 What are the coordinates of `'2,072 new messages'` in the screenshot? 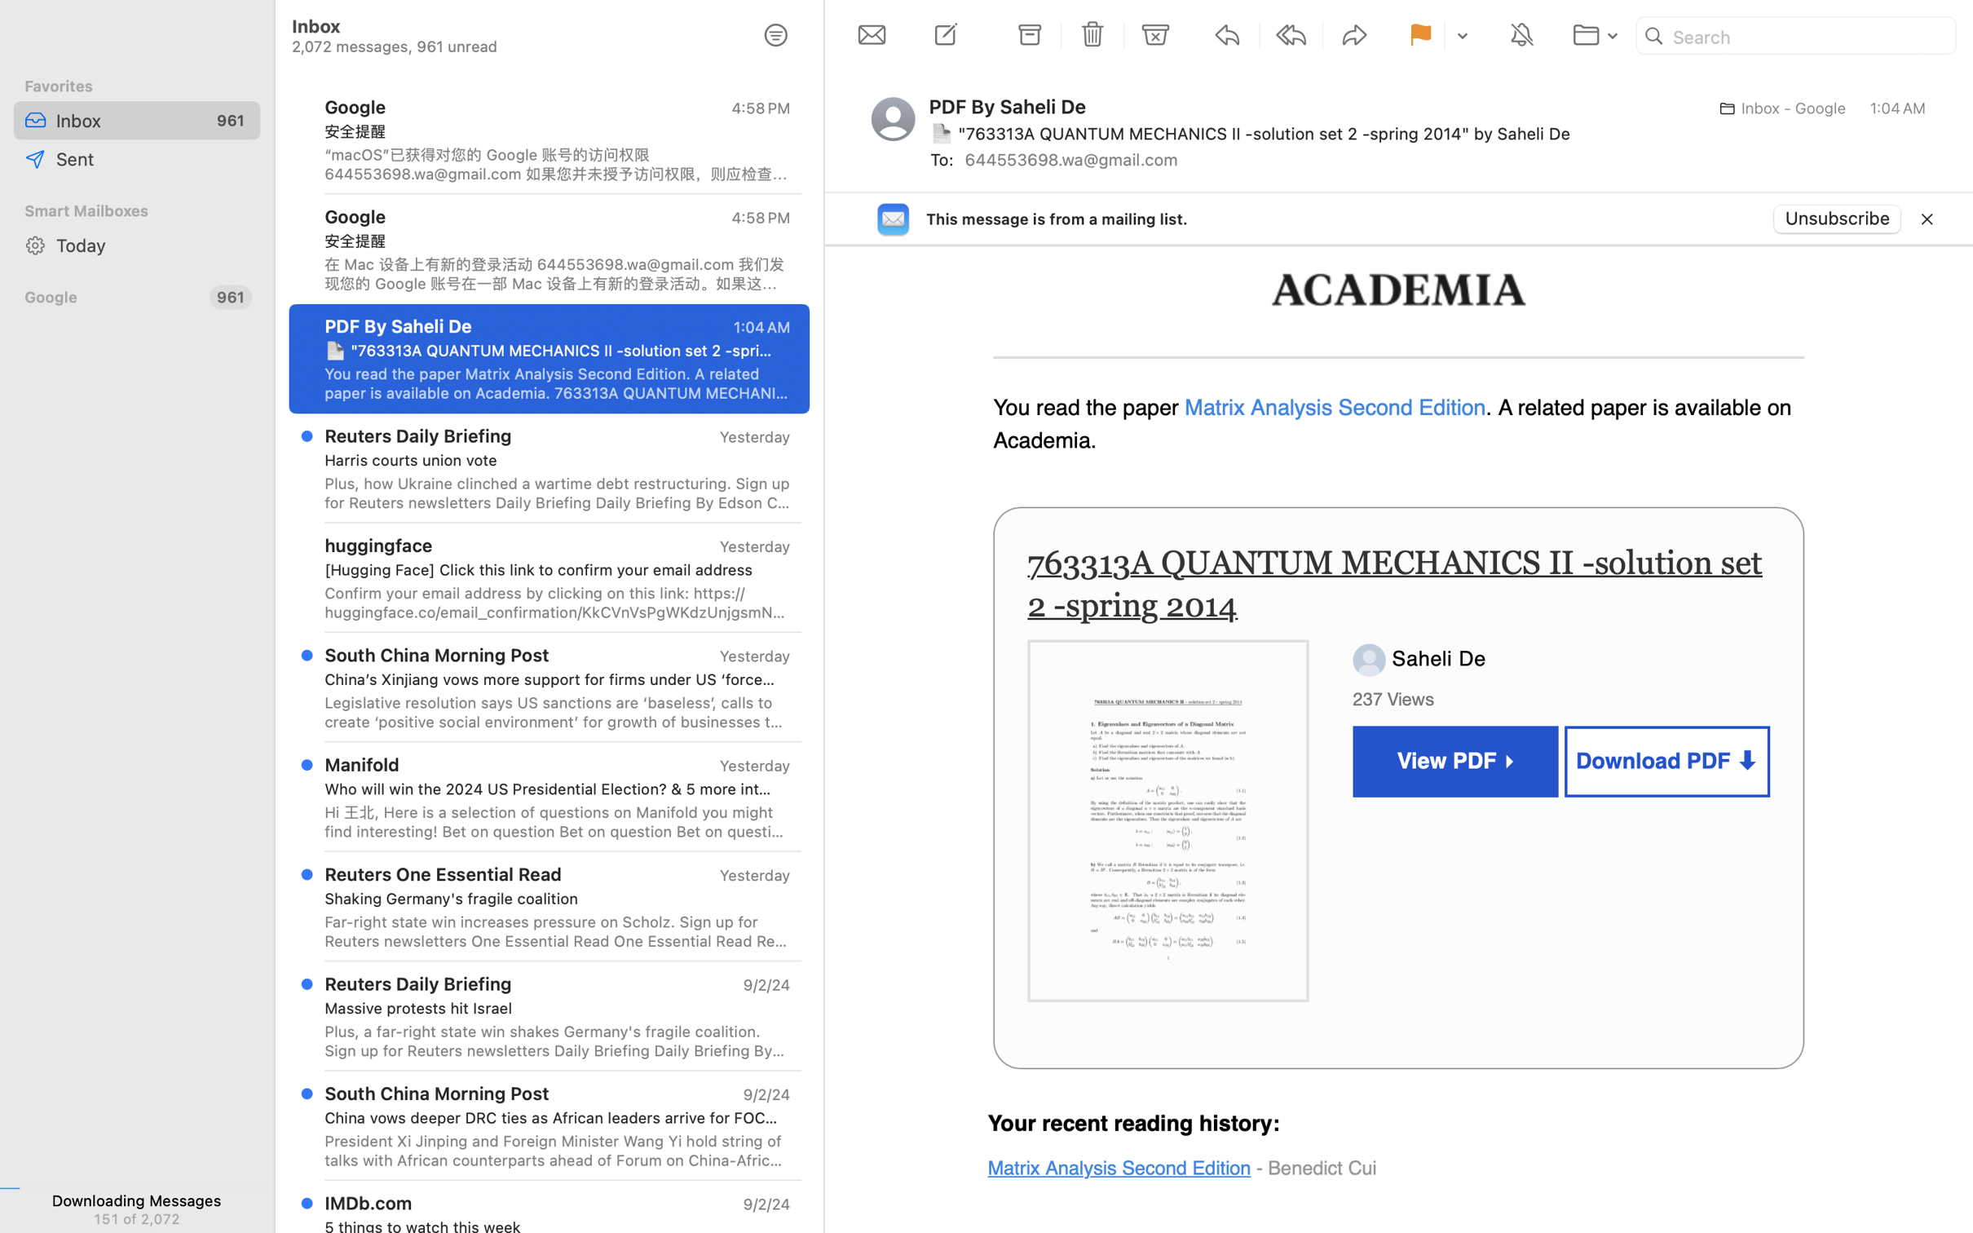 It's located at (135, 1217).